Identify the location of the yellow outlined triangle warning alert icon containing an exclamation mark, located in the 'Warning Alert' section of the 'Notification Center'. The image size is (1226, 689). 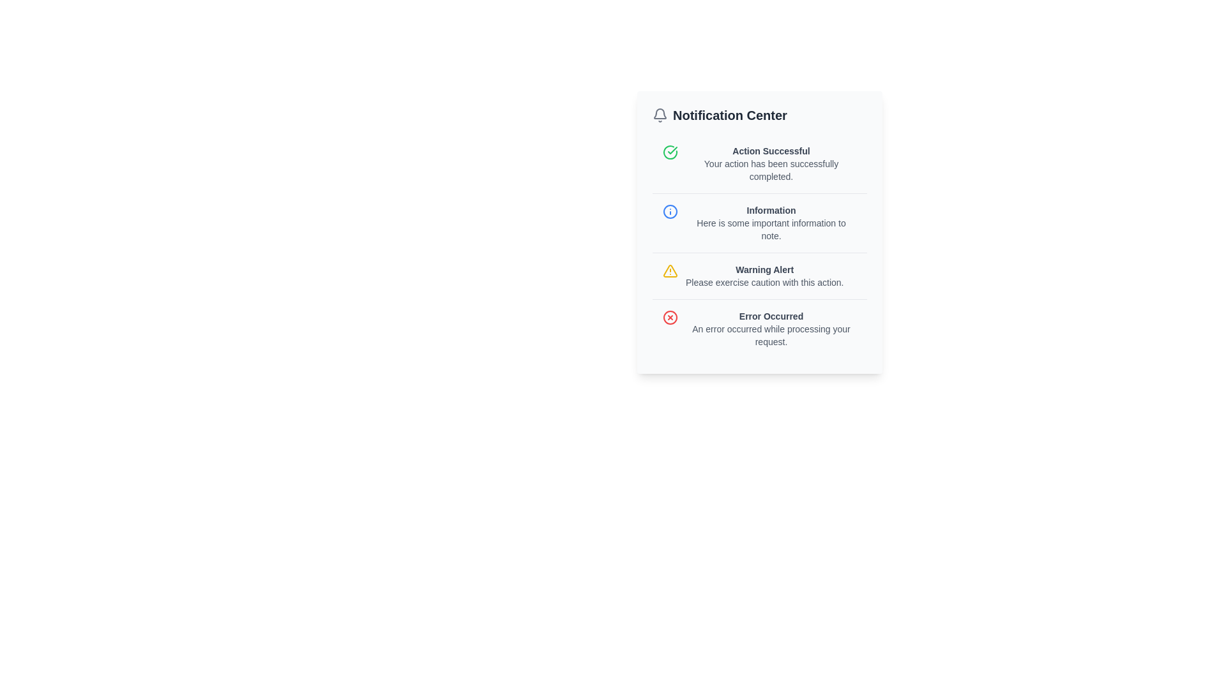
(670, 270).